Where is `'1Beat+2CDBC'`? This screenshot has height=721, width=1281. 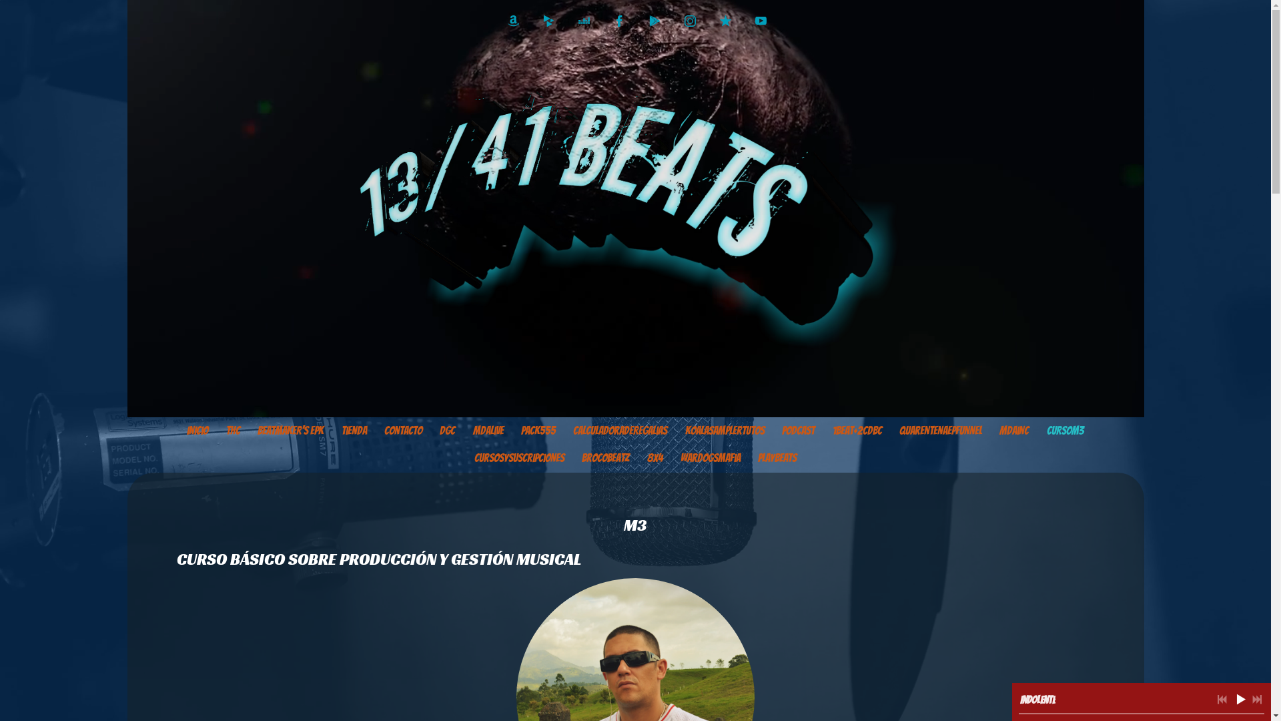
'1Beat+2CDBC' is located at coordinates (856, 431).